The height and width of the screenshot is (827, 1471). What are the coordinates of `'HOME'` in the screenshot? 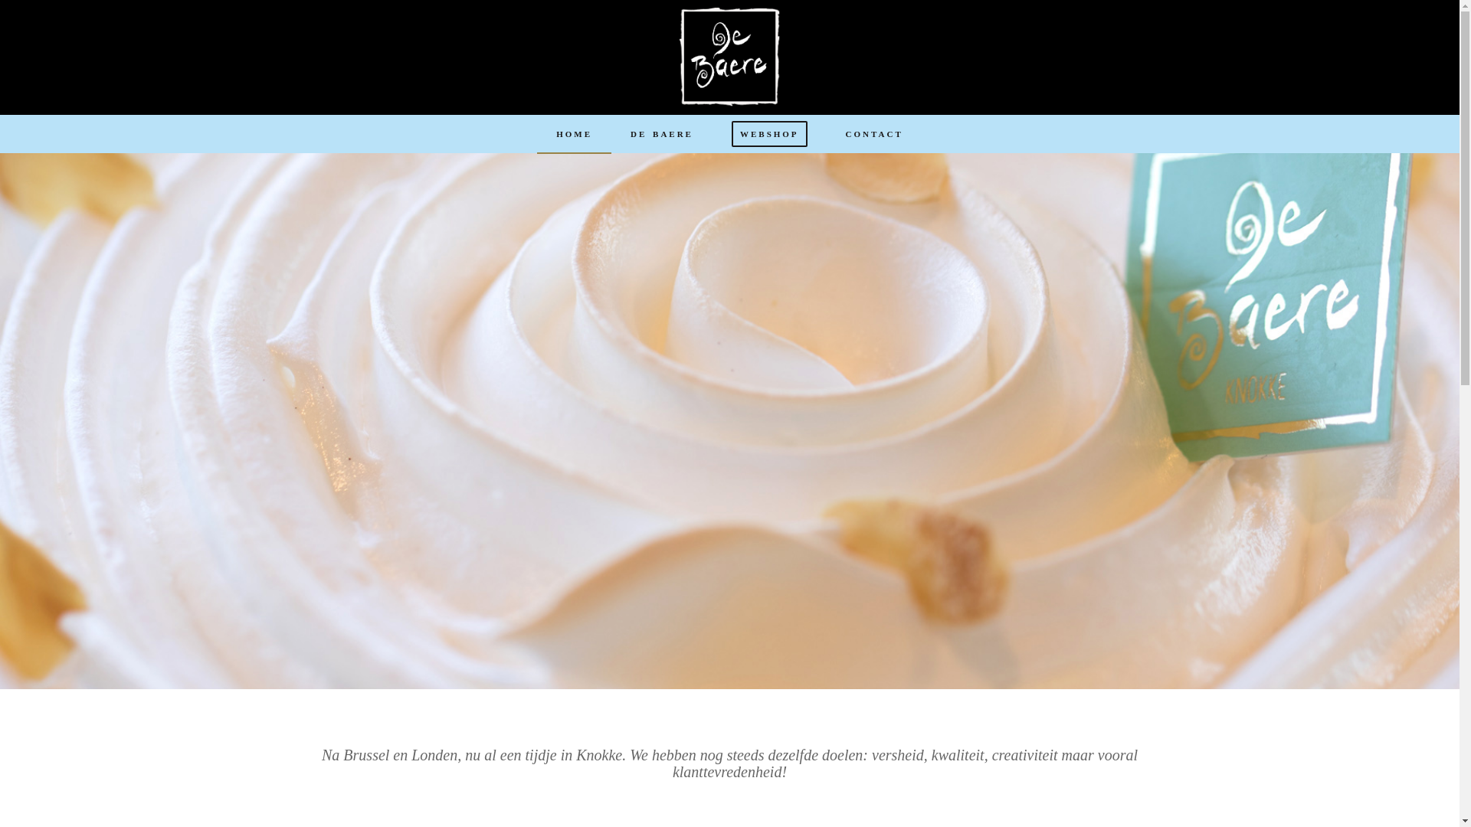 It's located at (573, 132).